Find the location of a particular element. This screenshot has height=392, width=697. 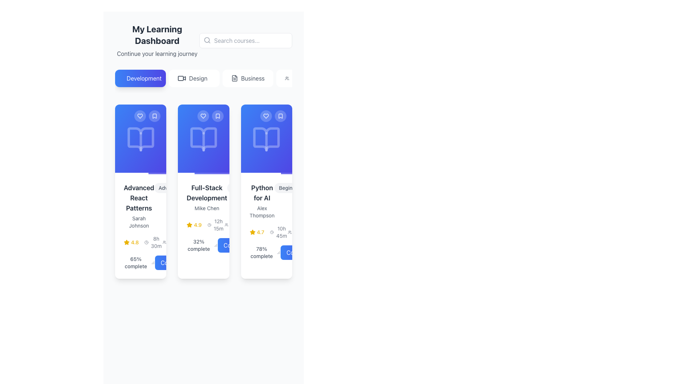

the Text Display containing 'Advanced React Patterns' and 'Sarah Johnson' located in the first card of the learning dashboard is located at coordinates (139, 206).